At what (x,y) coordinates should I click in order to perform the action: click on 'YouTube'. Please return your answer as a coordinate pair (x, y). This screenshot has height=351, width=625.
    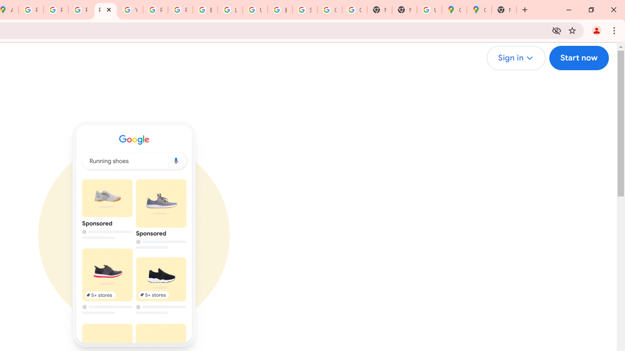
    Looking at the image, I should click on (130, 10).